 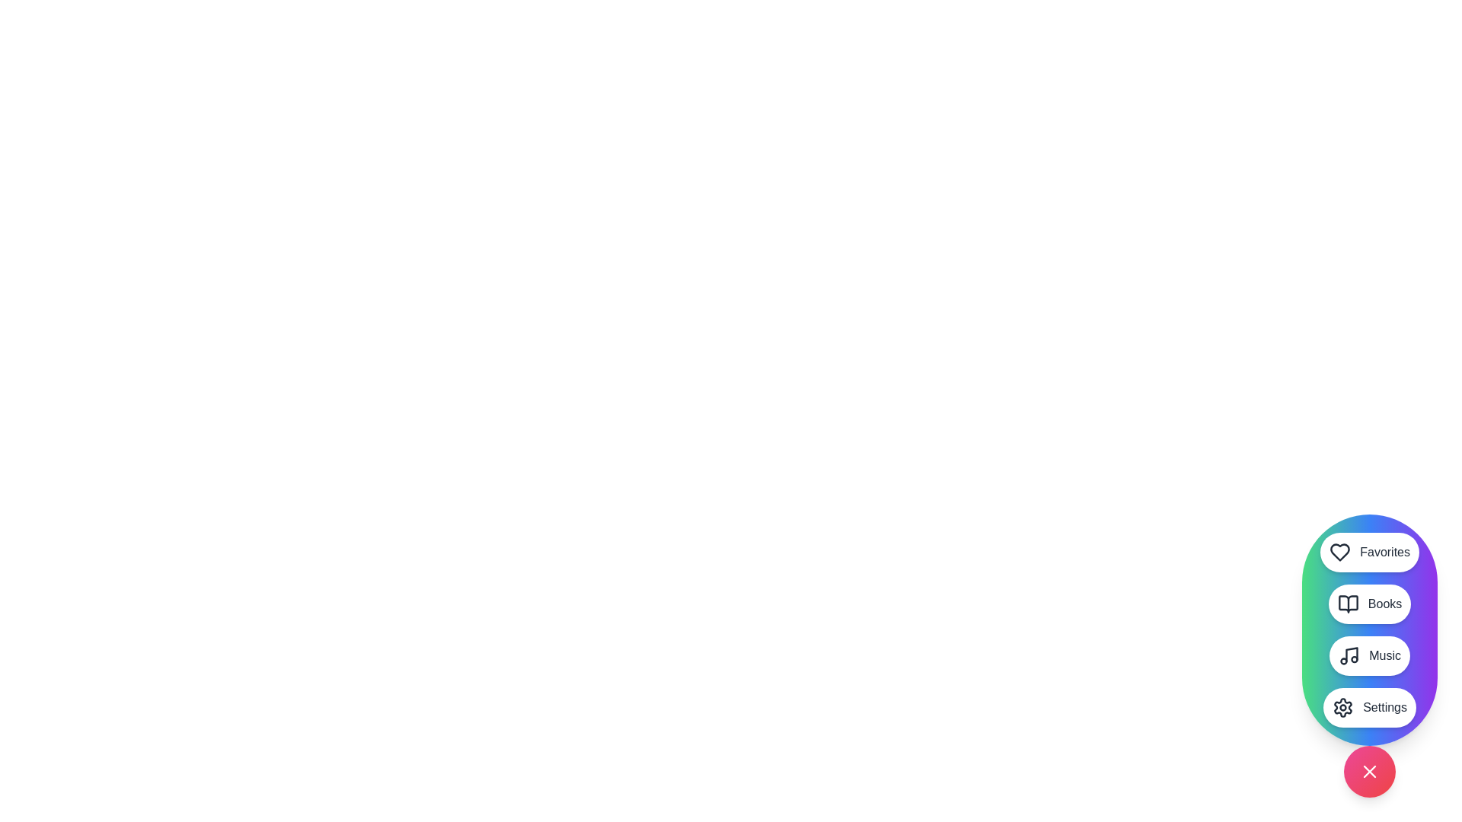 What do you see at coordinates (1370, 772) in the screenshot?
I see `the red button with the 'X' icon to collapse the speed dial menu` at bounding box center [1370, 772].